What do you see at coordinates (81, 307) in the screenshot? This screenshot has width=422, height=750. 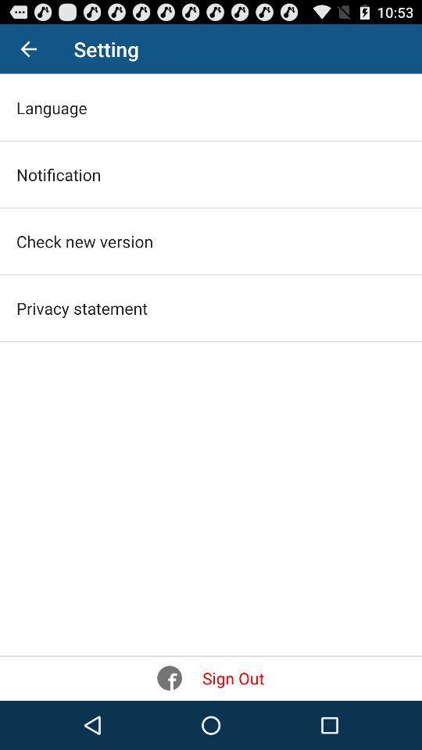 I see `privacy statement on the left` at bounding box center [81, 307].